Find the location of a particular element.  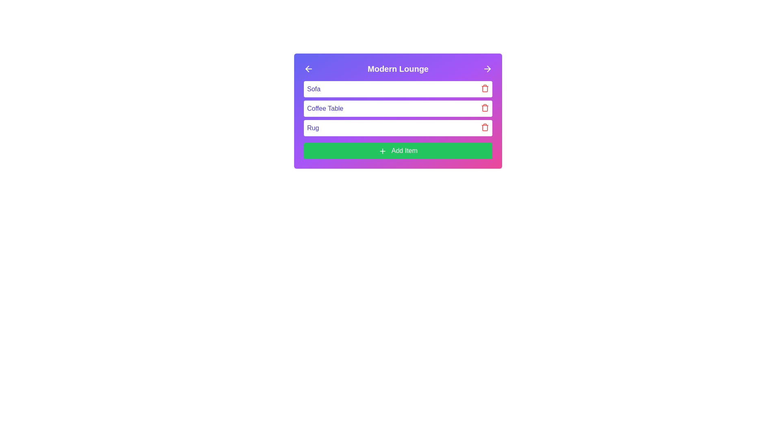

the green 'Add Item' button with rounded corners located at the bottom of the 'Modern Lounge' card is located at coordinates (398, 150).